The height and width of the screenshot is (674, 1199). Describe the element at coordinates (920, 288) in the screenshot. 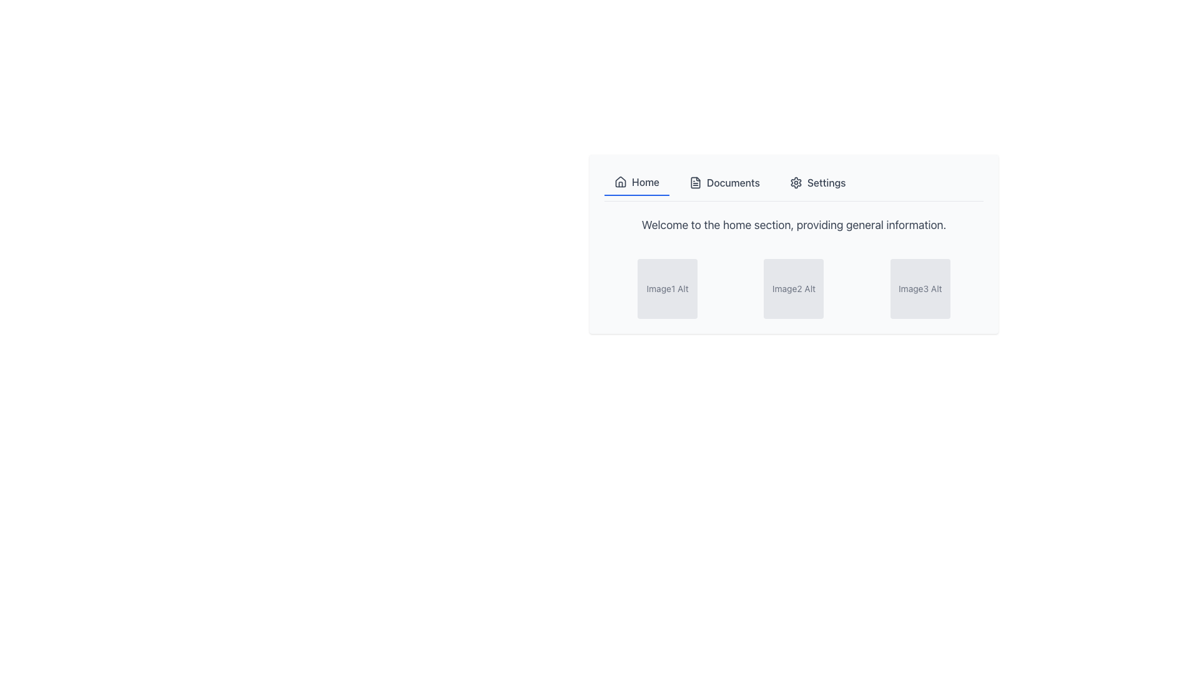

I see `text 'Image3 Alt' from the third light gray rounded square Placeholder located towards the bottom-right area of the main content section` at that location.